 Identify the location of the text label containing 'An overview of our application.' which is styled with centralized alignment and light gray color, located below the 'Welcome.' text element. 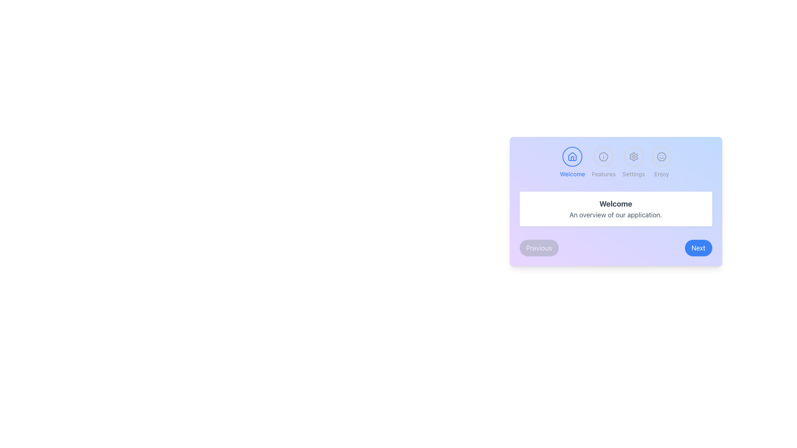
(616, 214).